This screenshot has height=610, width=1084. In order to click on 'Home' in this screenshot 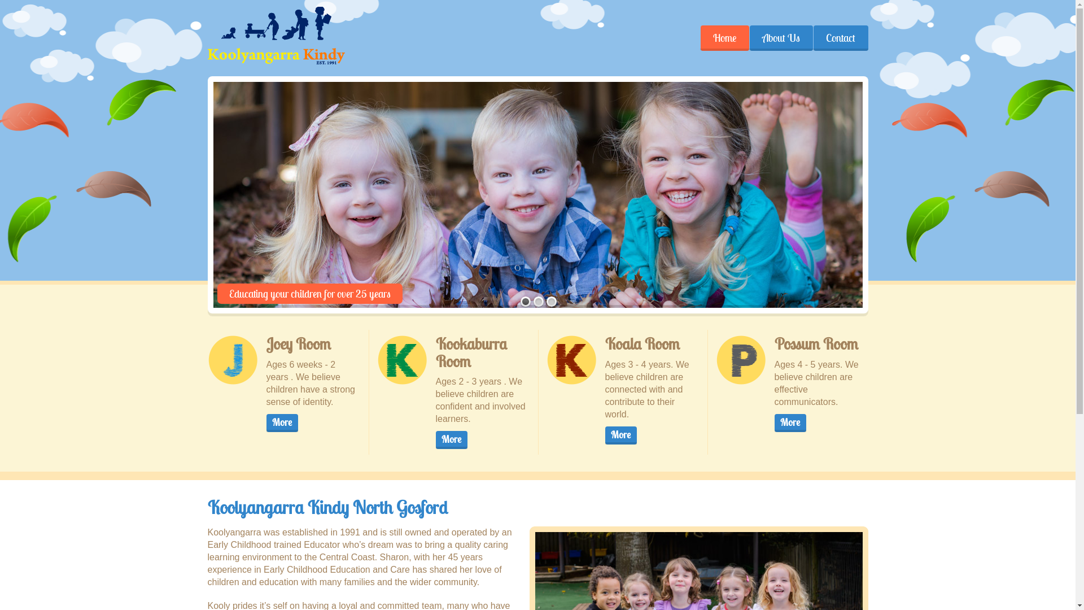, I will do `click(724, 37)`.